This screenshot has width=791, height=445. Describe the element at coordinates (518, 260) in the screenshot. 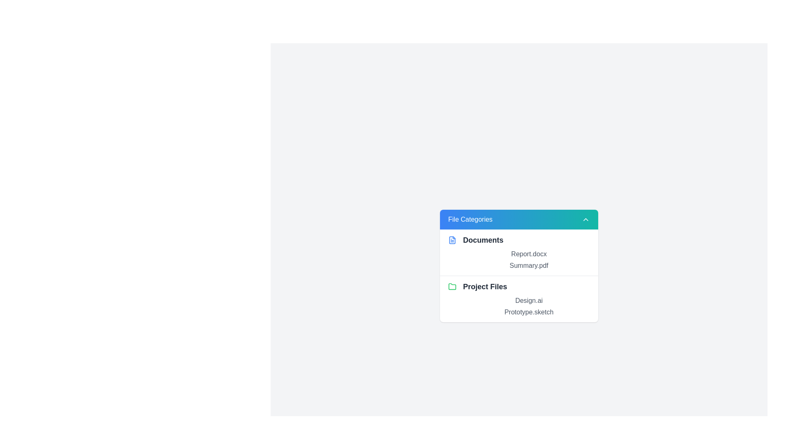

I see `the 'Report.docx' label in the List of file links, which is located in the 'Documents' section of the 'File Categories' panel` at that location.